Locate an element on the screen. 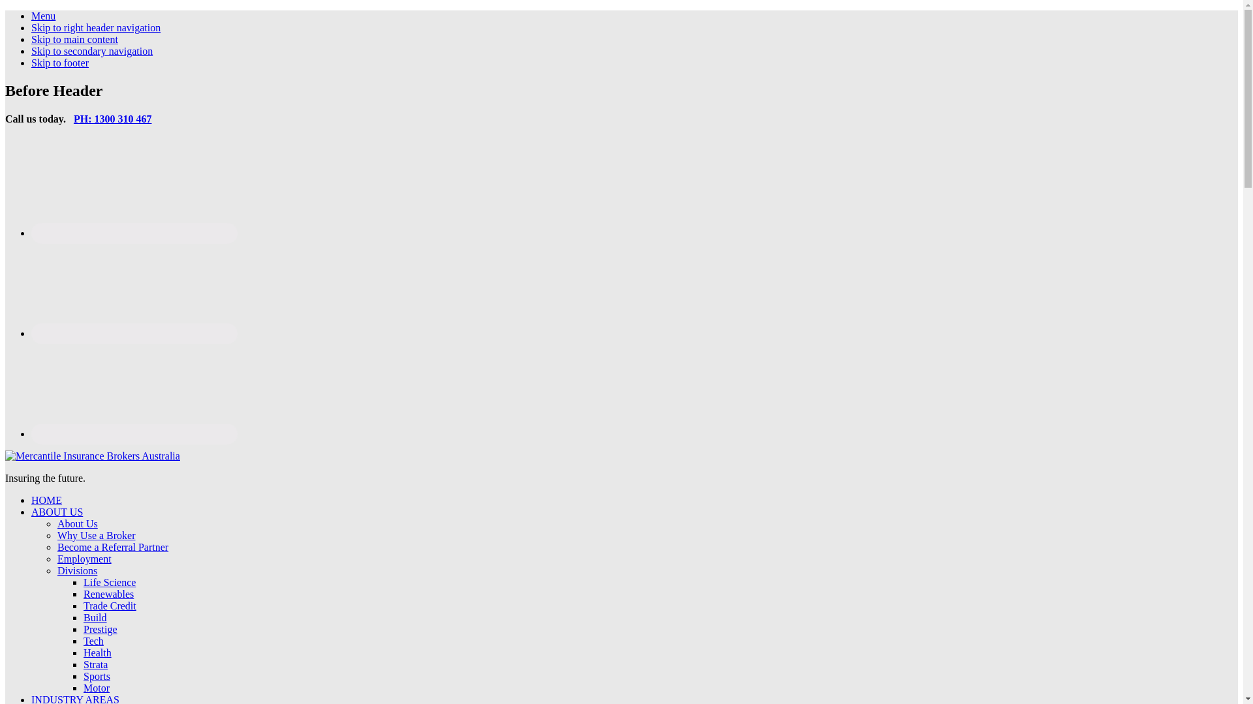 This screenshot has height=704, width=1253. 'Health' is located at coordinates (97, 653).